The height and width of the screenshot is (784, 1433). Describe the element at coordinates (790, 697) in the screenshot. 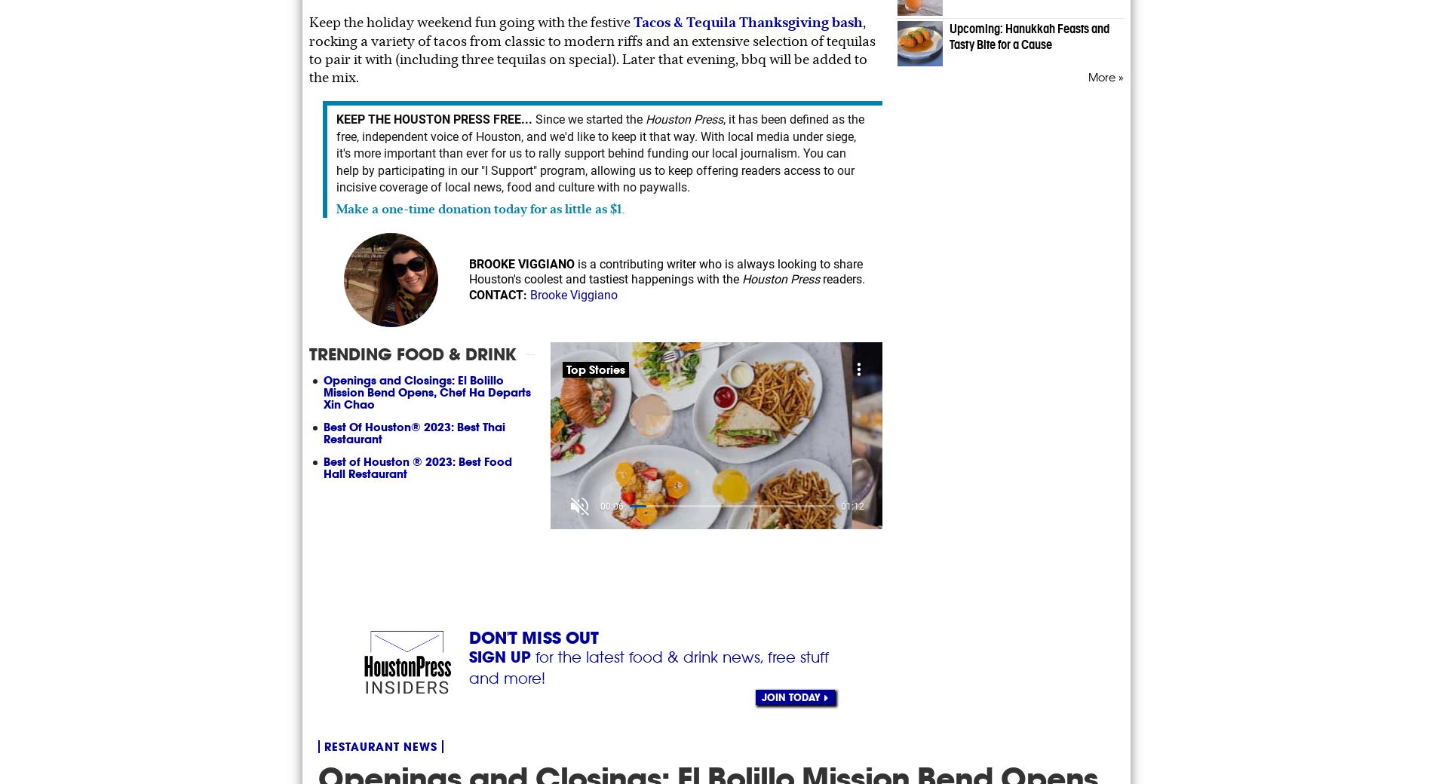

I see `'Join Today'` at that location.